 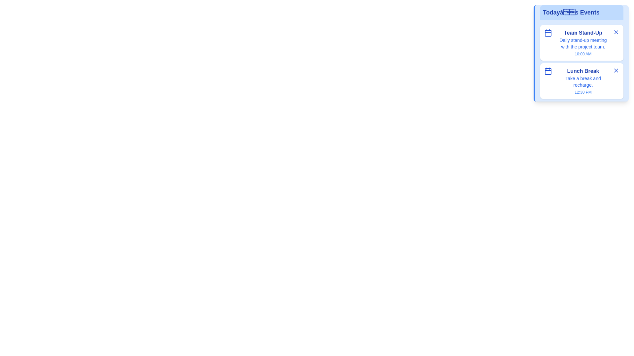 What do you see at coordinates (581, 81) in the screenshot?
I see `the event titled 'Lunch Break' to observe hover effects` at bounding box center [581, 81].